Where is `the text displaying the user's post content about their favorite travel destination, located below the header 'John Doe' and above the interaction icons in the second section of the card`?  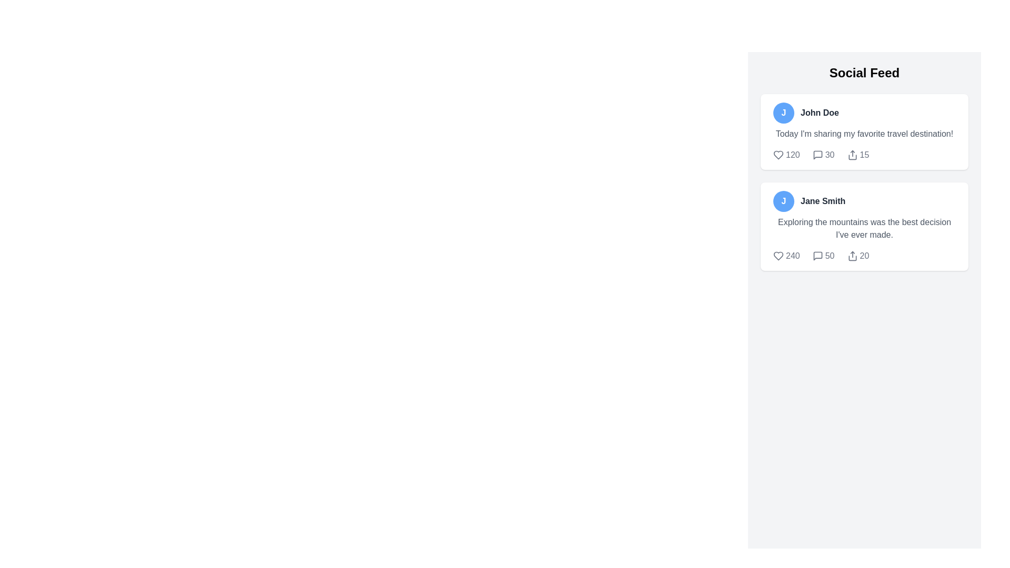
the text displaying the user's post content about their favorite travel destination, located below the header 'John Doe' and above the interaction icons in the second section of the card is located at coordinates (864, 133).